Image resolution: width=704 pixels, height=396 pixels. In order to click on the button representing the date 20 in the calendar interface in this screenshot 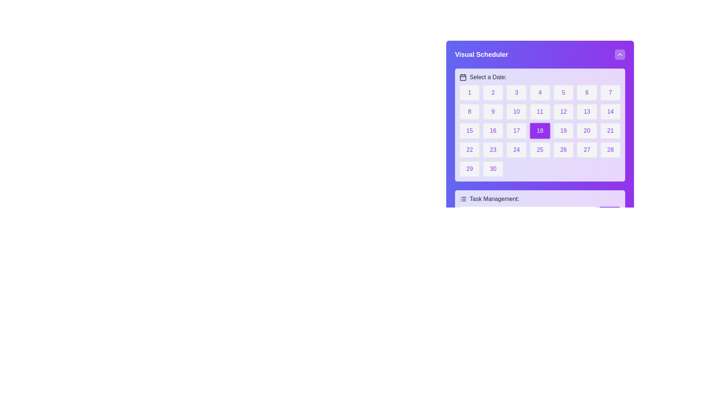, I will do `click(587, 131)`.